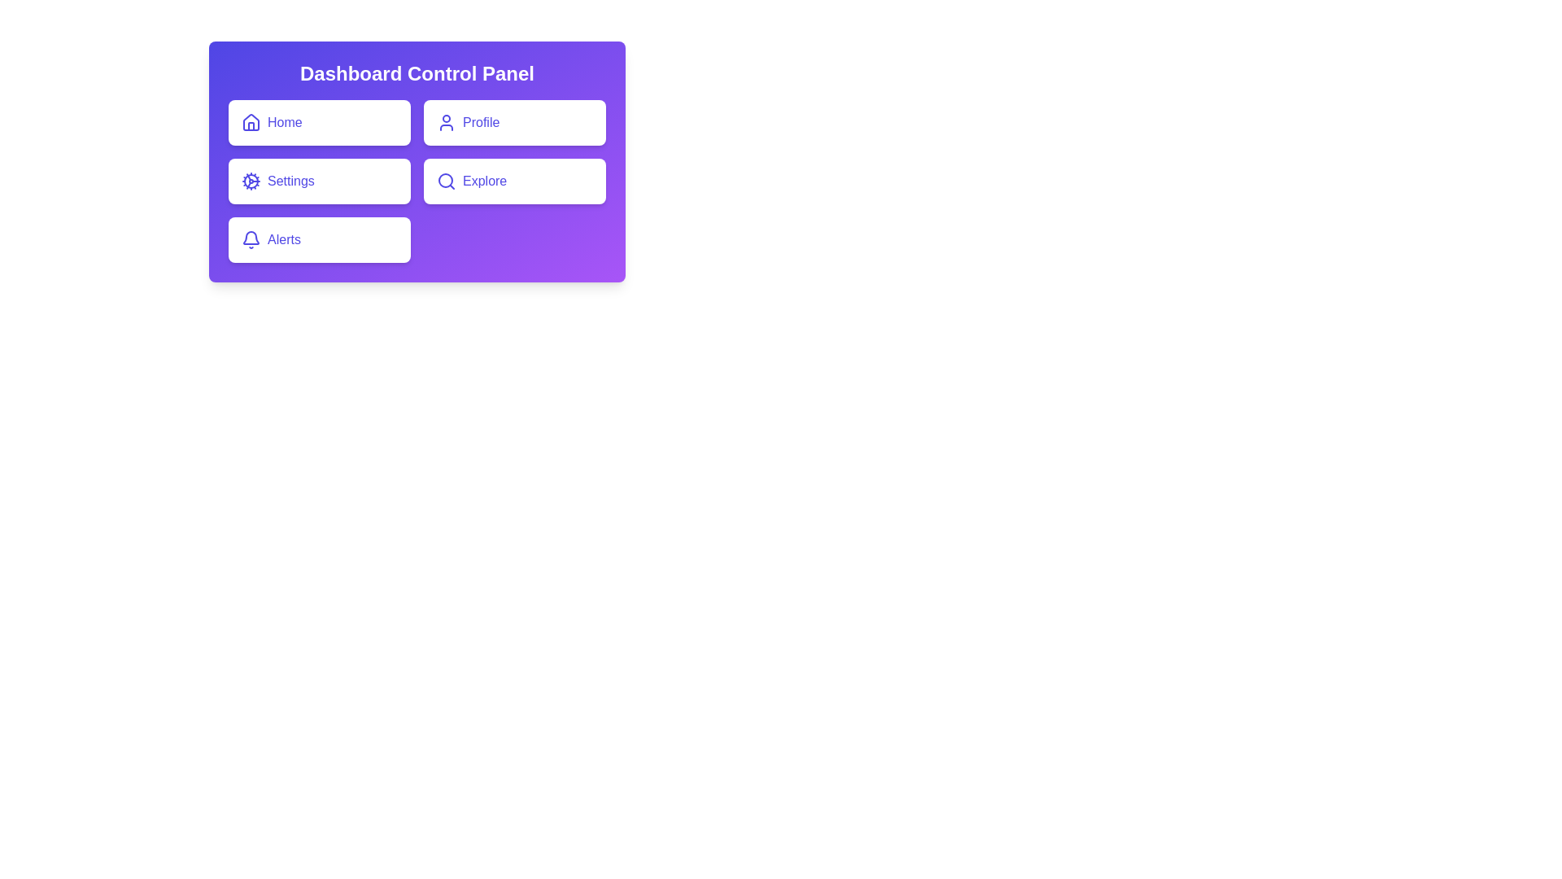  Describe the element at coordinates (250, 239) in the screenshot. I see `the blue outlined bell icon in the 'Alerts' section, located to the left of the 'Alerts' text` at that location.